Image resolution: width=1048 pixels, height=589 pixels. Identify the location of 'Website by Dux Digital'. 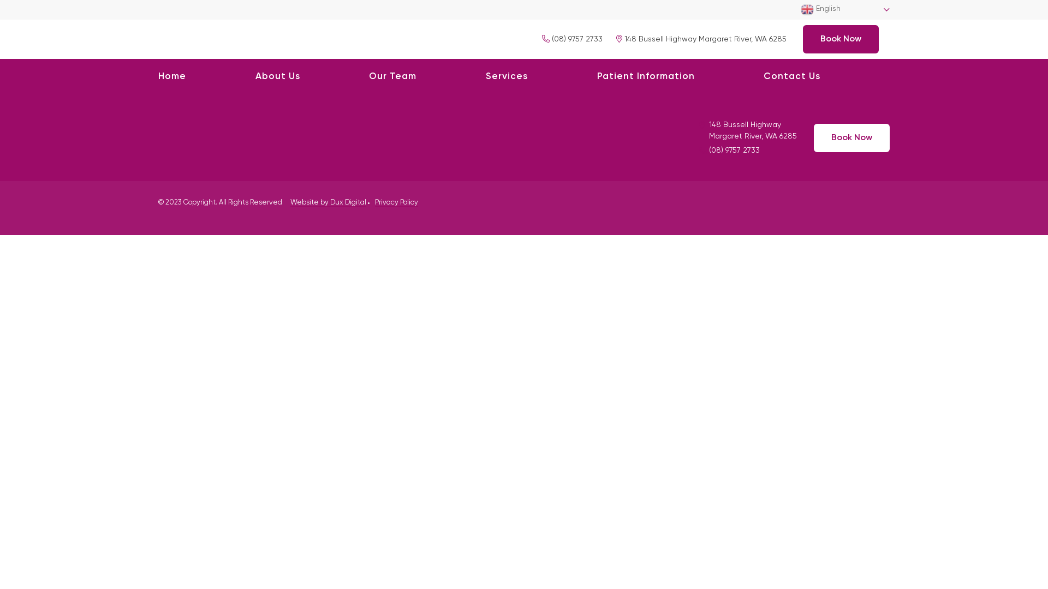
(327, 202).